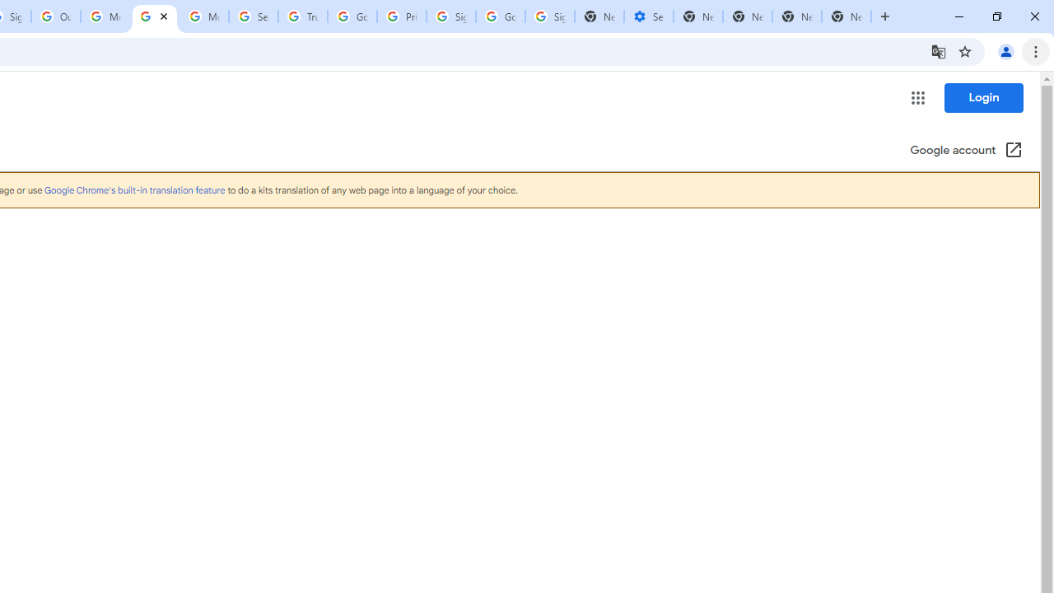  I want to click on 'You', so click(1005, 50).